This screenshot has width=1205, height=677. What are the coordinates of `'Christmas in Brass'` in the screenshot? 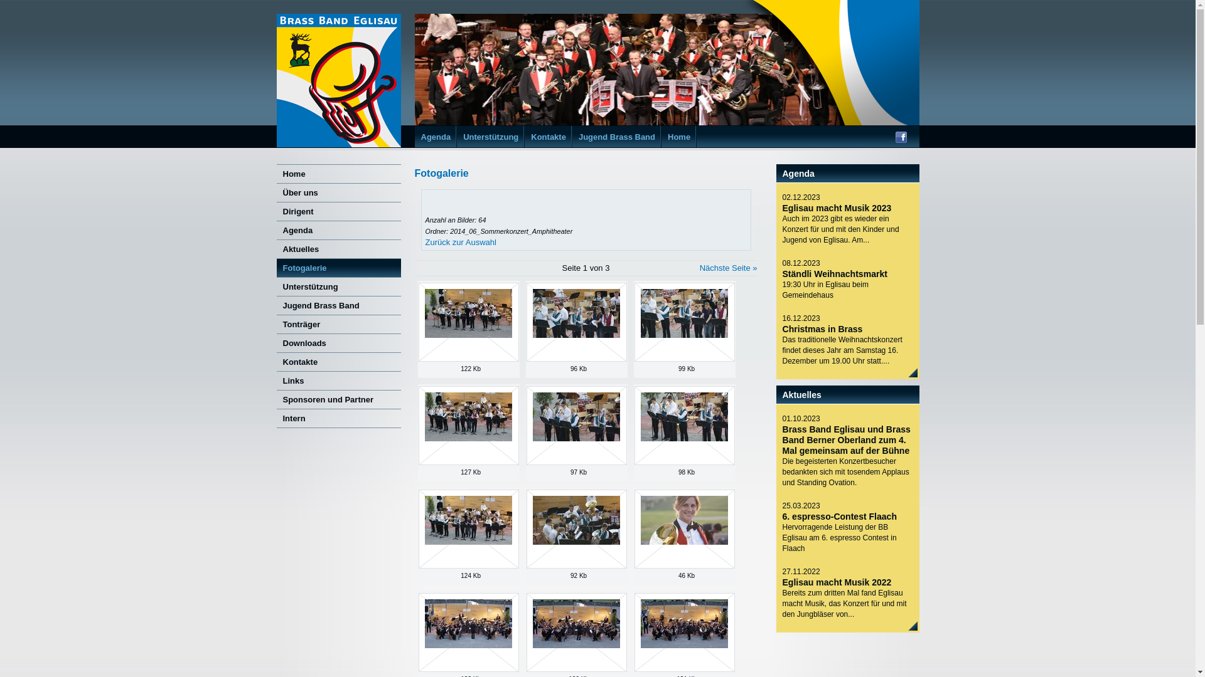 It's located at (822, 328).